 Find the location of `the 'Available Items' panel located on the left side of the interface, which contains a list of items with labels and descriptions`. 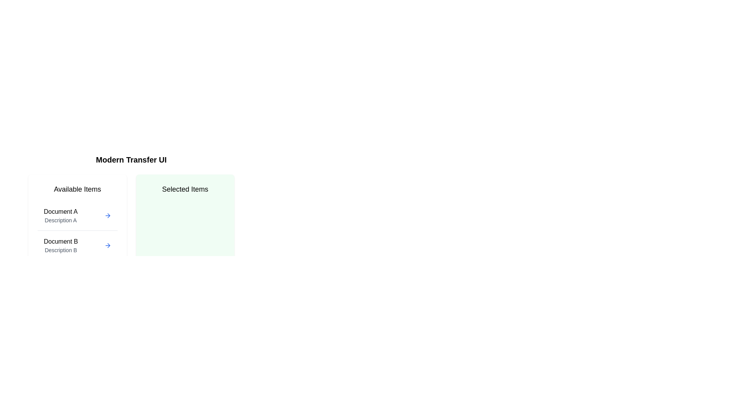

the 'Available Items' panel located on the left side of the interface, which contains a list of items with labels and descriptions is located at coordinates (77, 236).